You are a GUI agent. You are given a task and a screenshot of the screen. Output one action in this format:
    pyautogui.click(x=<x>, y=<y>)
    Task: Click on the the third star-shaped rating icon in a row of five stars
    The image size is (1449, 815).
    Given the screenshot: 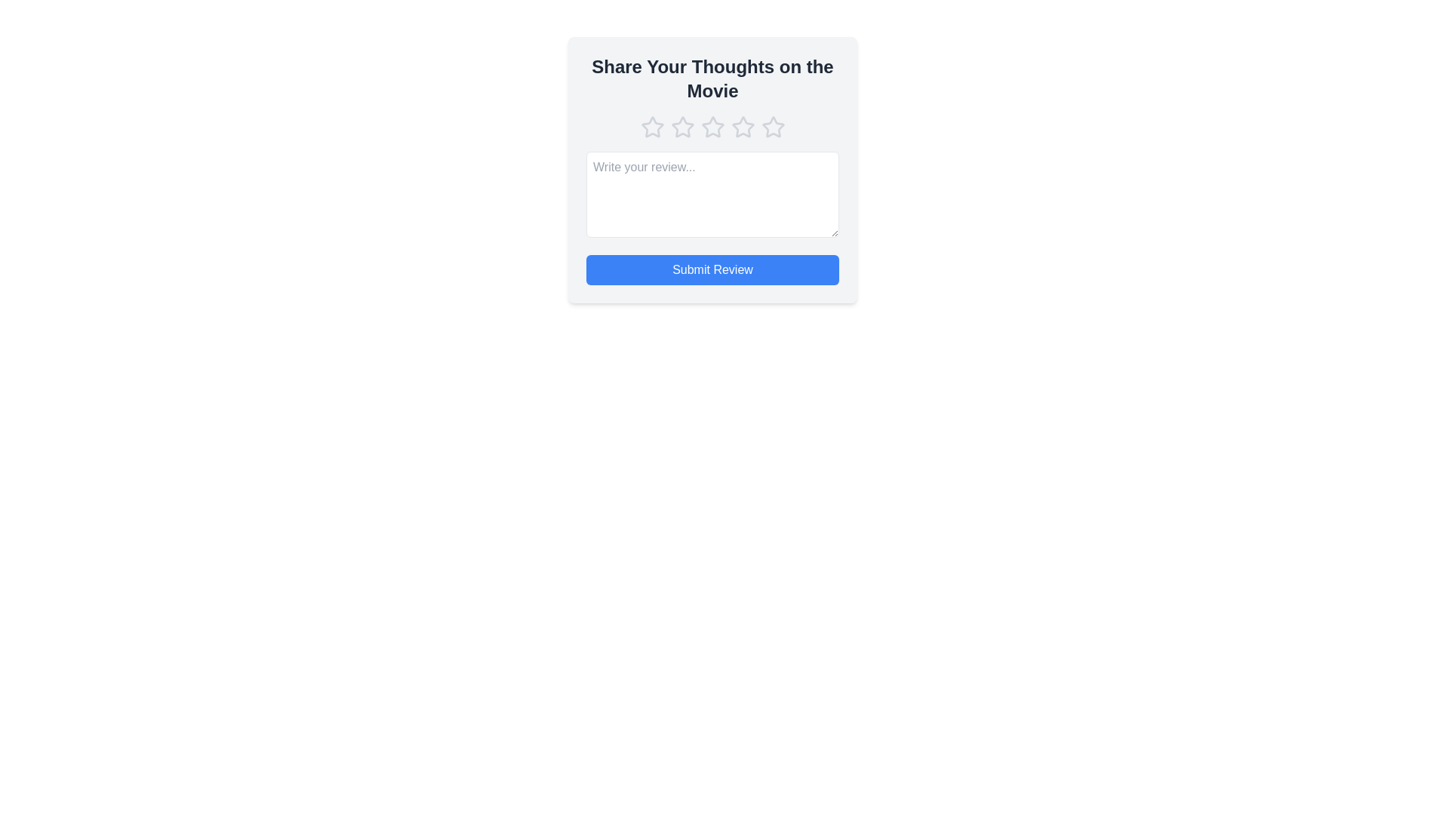 What is the action you would take?
    pyautogui.click(x=743, y=126)
    